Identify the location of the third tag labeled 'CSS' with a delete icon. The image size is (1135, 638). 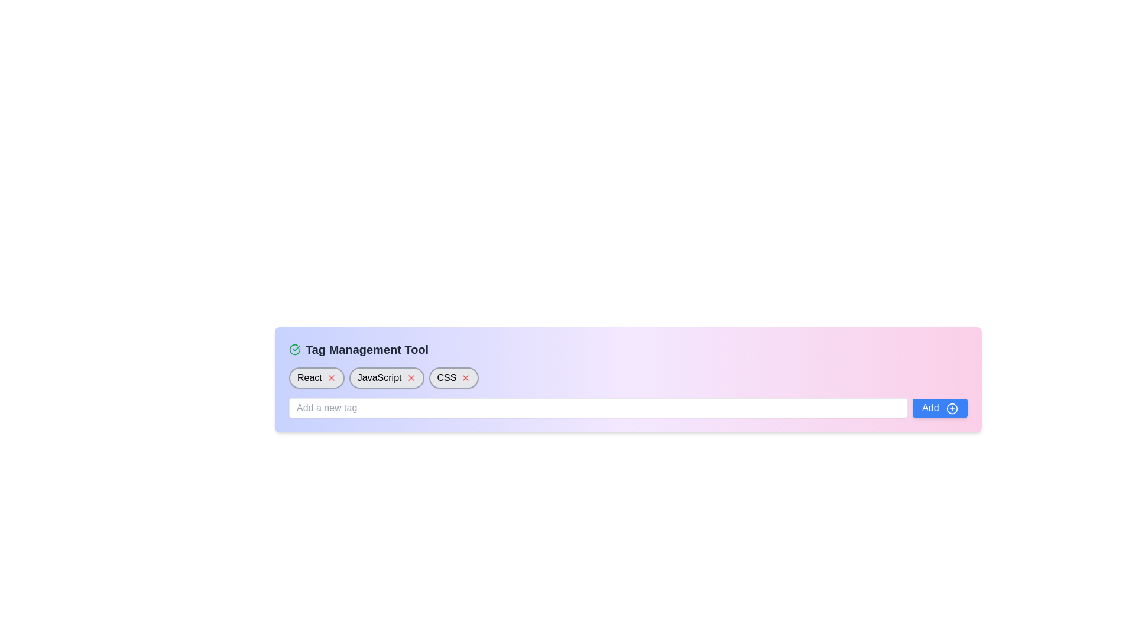
(453, 378).